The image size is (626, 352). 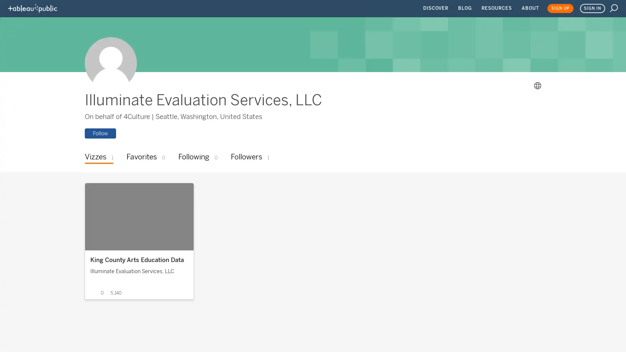 What do you see at coordinates (592, 8) in the screenshot?
I see `SIGN IN` at bounding box center [592, 8].